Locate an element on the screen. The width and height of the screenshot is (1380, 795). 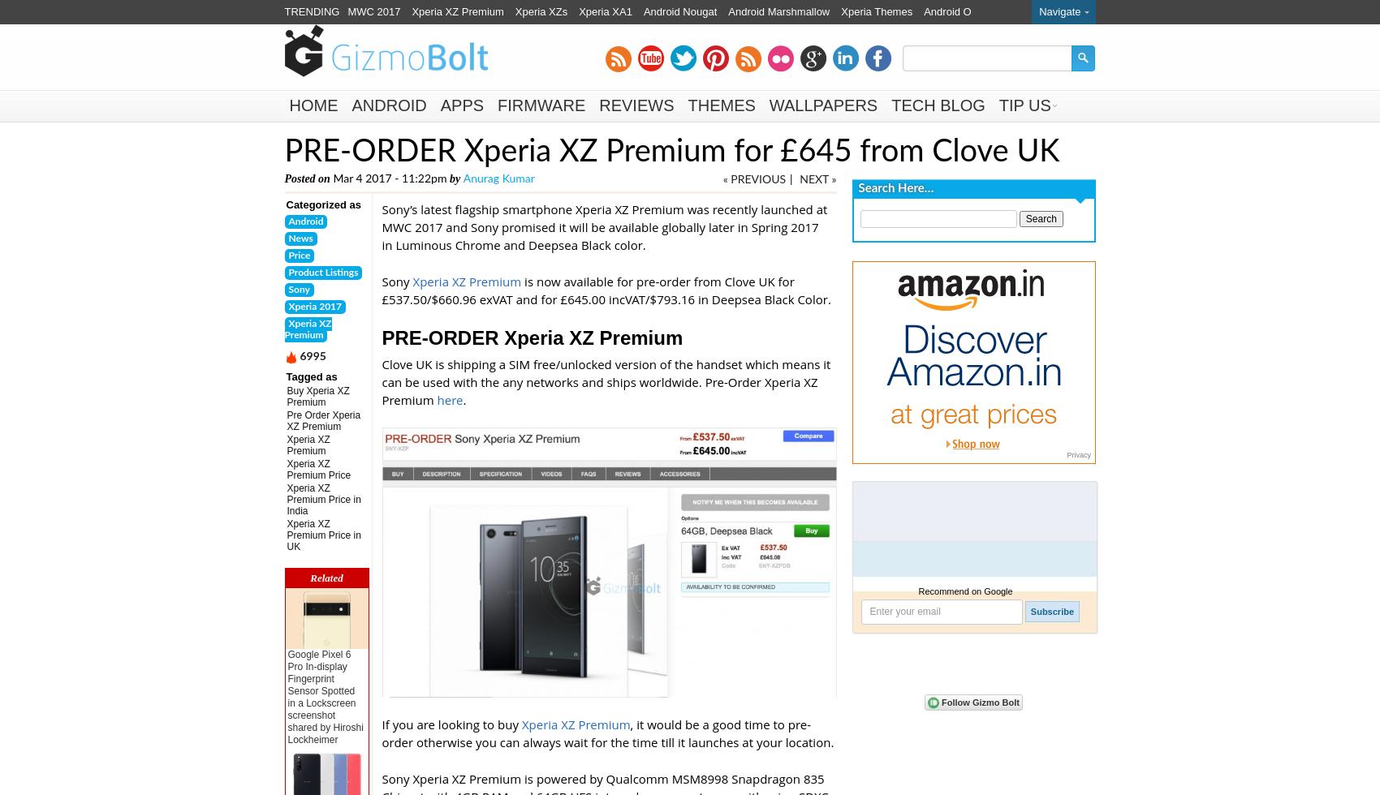
'Related' is located at coordinates (326, 578).